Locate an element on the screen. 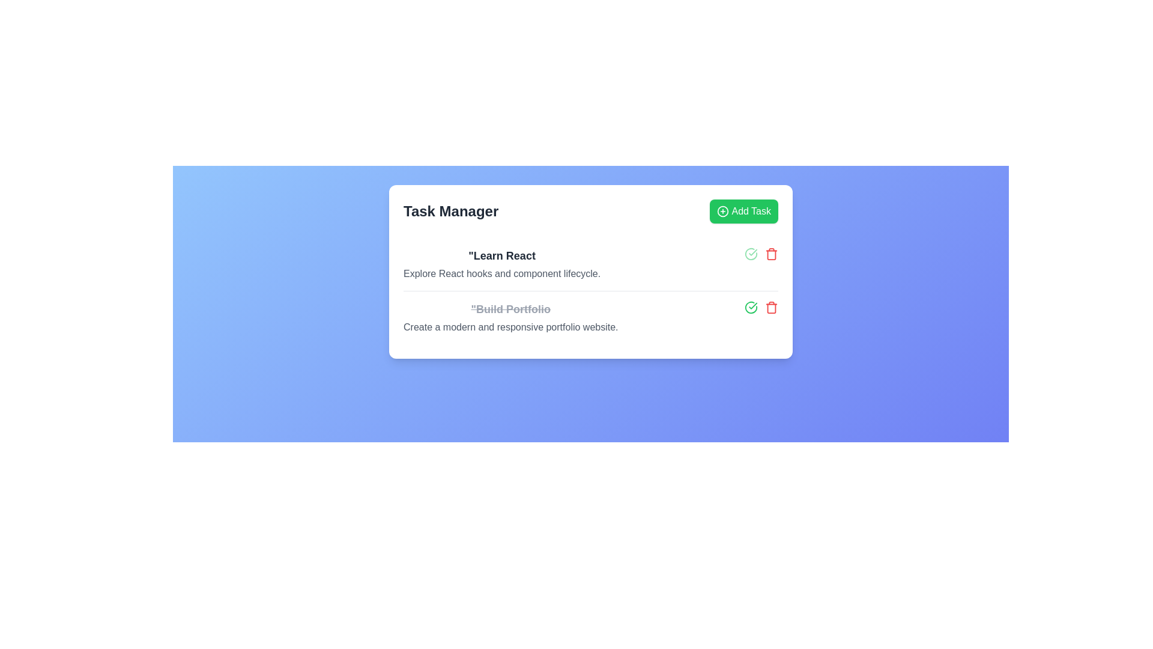  the text label heading reading 'Learn React', which is styled in a large, bold font and is located at the top of the task card labeled 'Task Manager' is located at coordinates (502, 255).